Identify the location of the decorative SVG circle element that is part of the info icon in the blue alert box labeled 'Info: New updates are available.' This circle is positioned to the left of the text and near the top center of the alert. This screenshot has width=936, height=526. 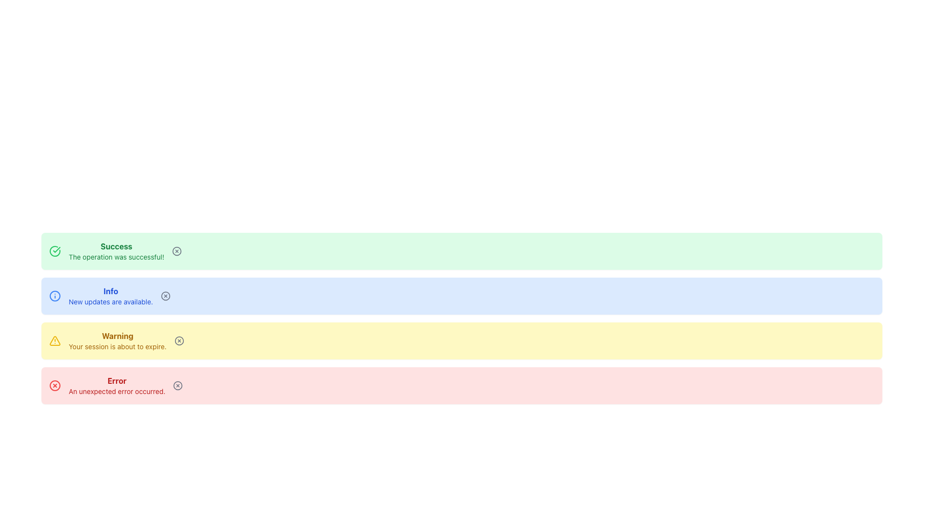
(55, 296).